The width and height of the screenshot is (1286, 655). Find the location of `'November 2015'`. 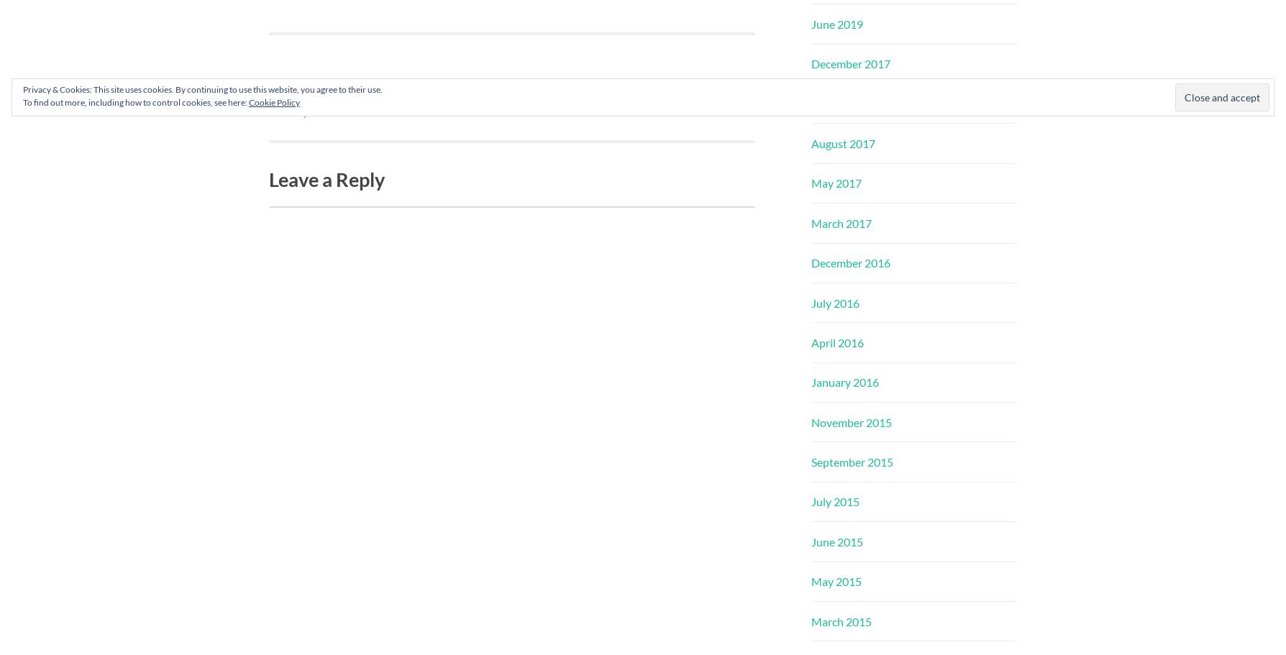

'November 2015' is located at coordinates (851, 421).